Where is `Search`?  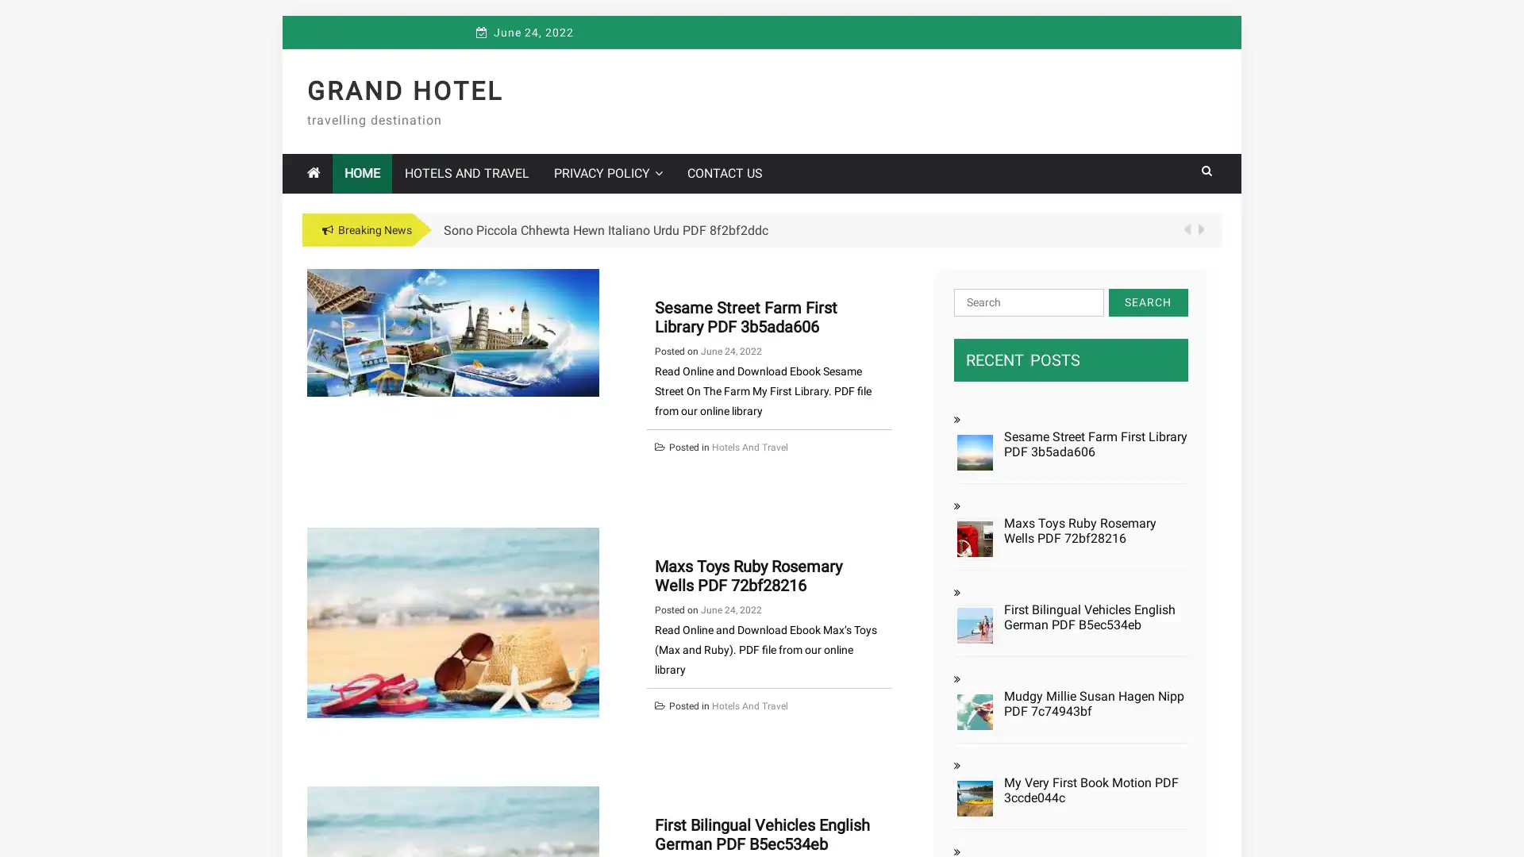
Search is located at coordinates (1147, 302).